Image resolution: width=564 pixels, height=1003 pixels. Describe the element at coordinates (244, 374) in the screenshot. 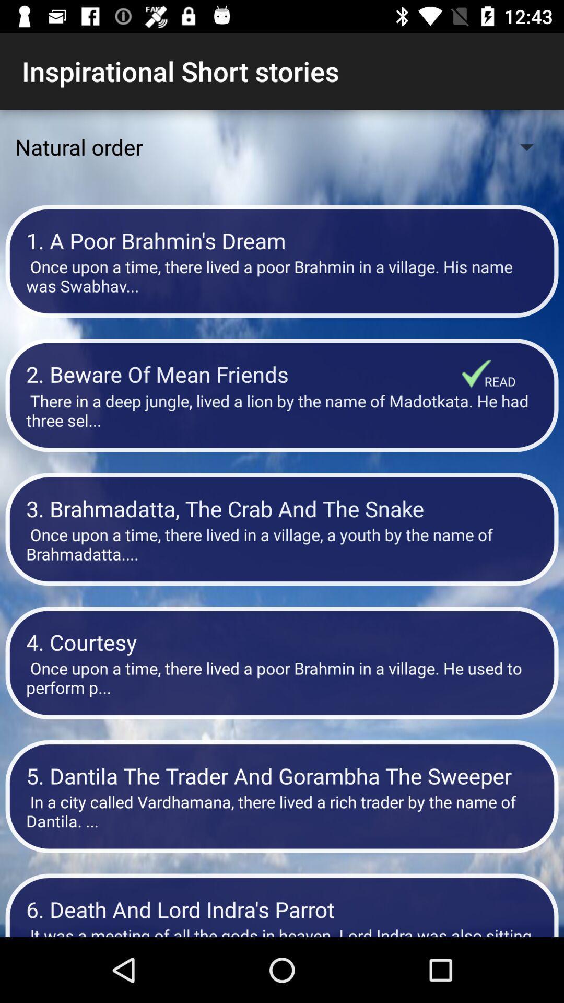

I see `item below once upon a item` at that location.